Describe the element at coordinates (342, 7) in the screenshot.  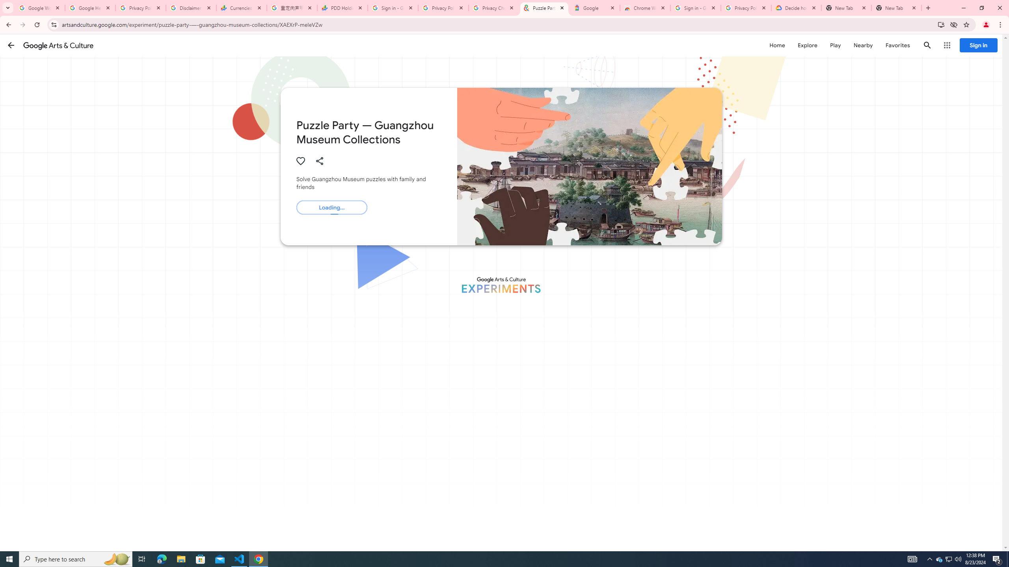
I see `'PDD Holdings Inc - ADR (PDD) Price & News - Google Finance'` at that location.